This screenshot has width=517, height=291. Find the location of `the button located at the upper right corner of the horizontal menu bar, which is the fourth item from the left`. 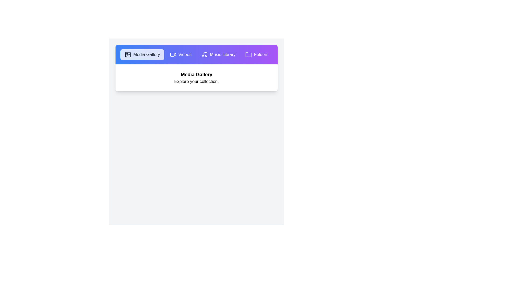

the button located at the upper right corner of the horizontal menu bar, which is the fourth item from the left is located at coordinates (257, 55).